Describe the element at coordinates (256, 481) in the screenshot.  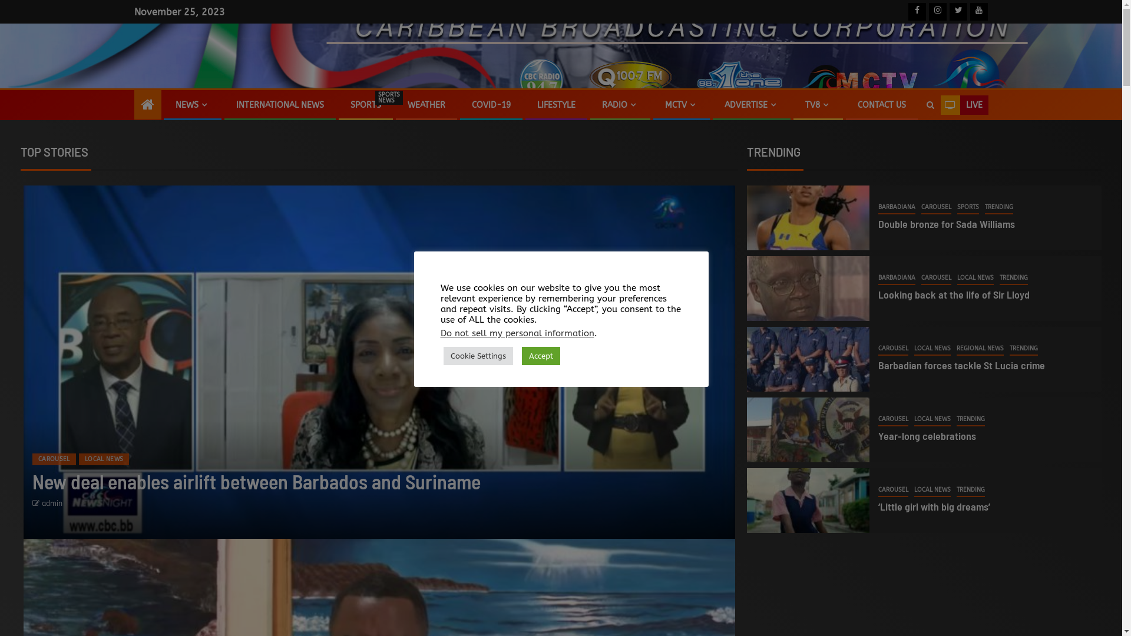
I see `'New deal enables airlift between Barbados and Suriname'` at that location.